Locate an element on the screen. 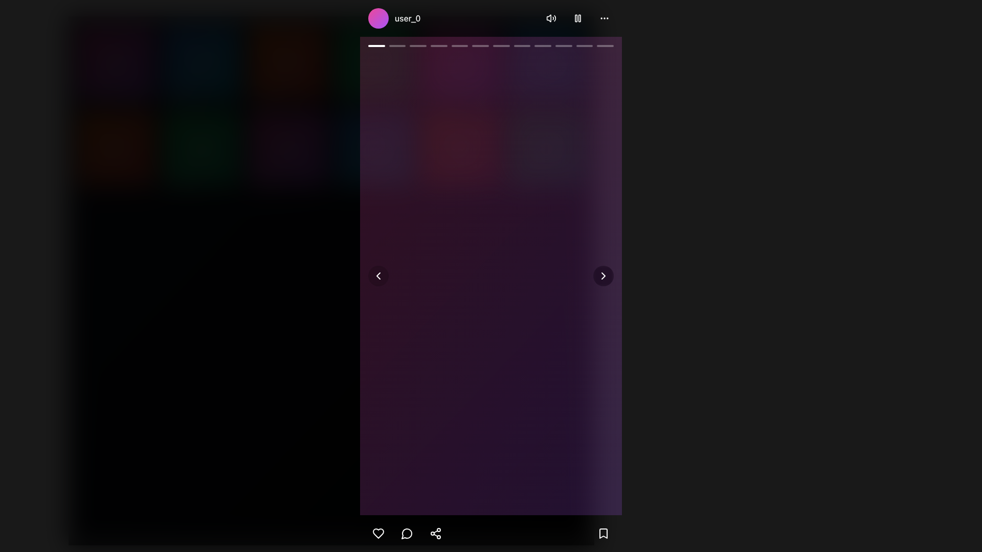 Image resolution: width=982 pixels, height=552 pixels. the ellipsis icon in the top-right corner of the interface is located at coordinates (604, 18).